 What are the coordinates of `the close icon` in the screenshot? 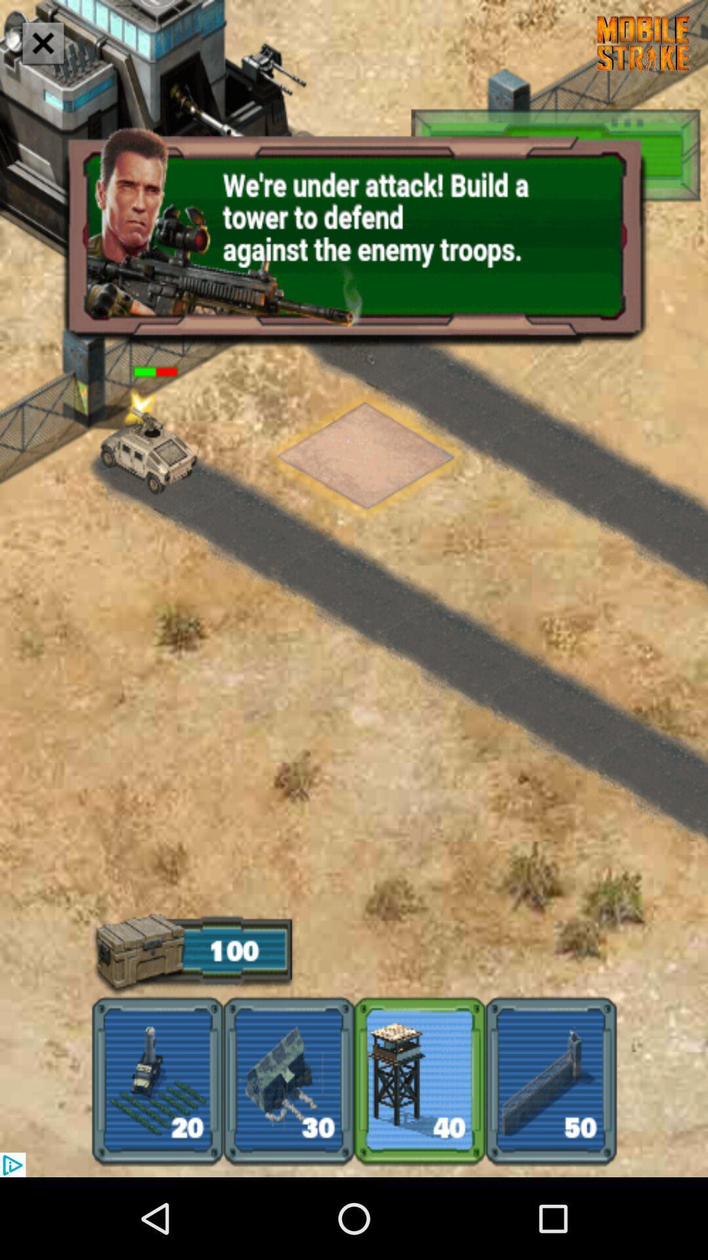 It's located at (60, 64).